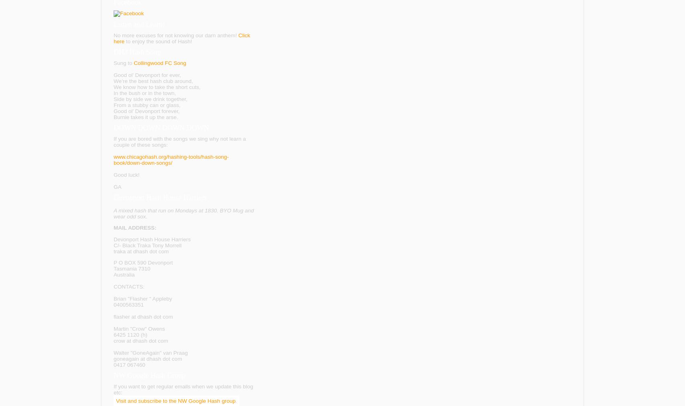  What do you see at coordinates (139, 24) in the screenshot?
I see `'Listen and Learn!'` at bounding box center [139, 24].